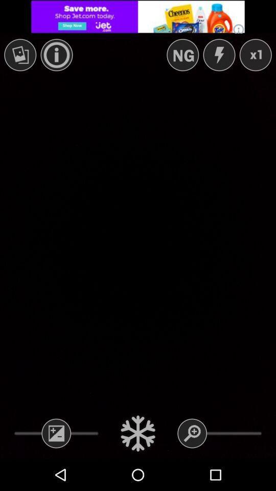  I want to click on the wallpaper icon, so click(20, 55).